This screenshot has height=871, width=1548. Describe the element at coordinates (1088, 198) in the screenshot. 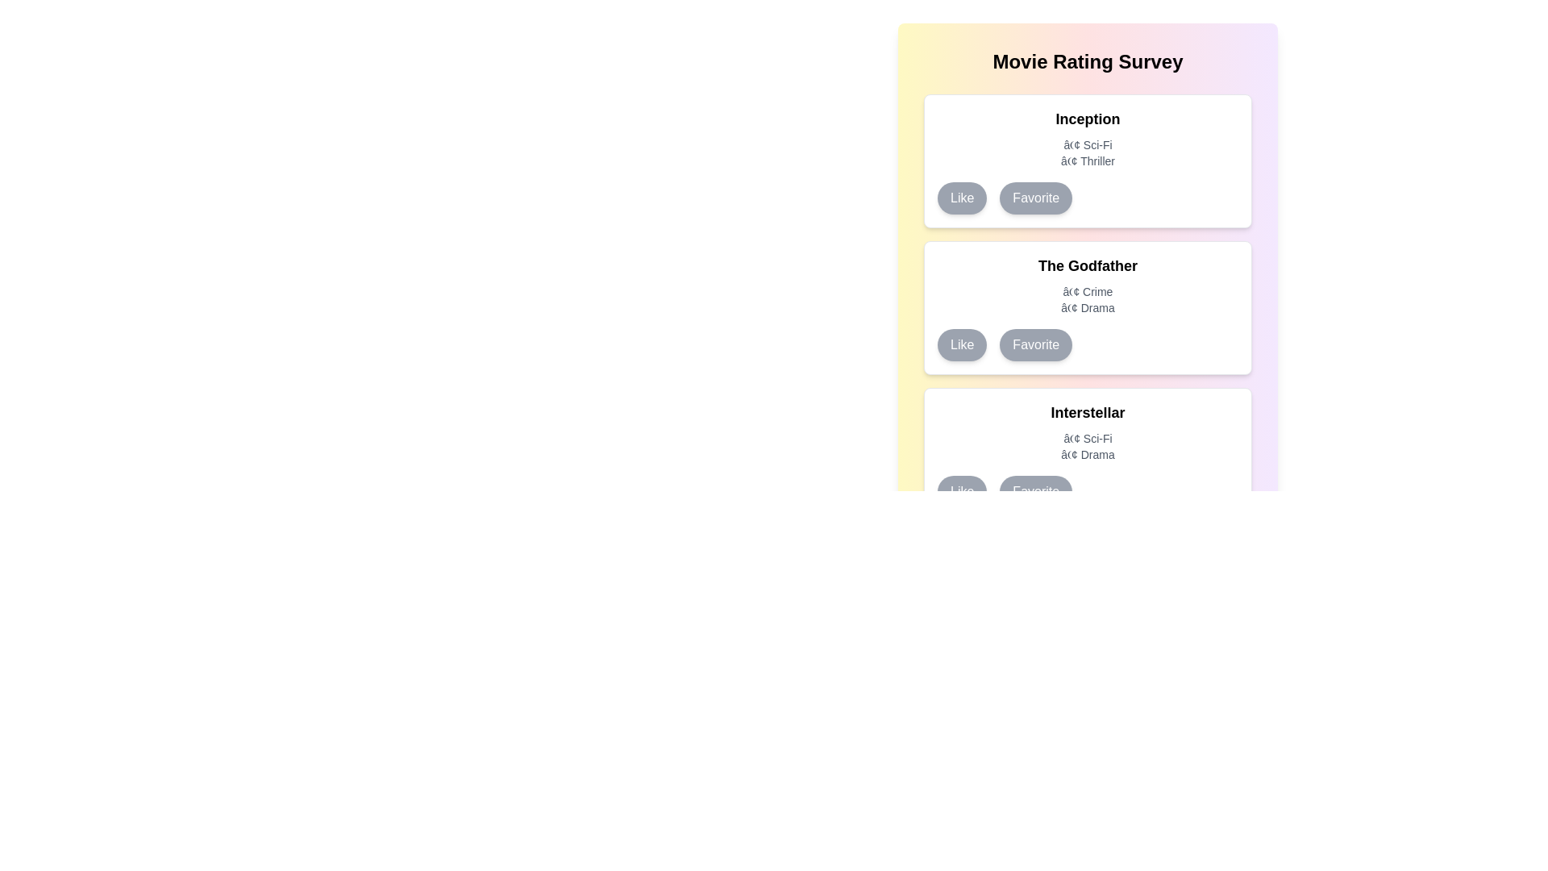

I see `the 'Favorite' button located within the group of buttons beneath the 'Inception' movie title and genre information` at that location.